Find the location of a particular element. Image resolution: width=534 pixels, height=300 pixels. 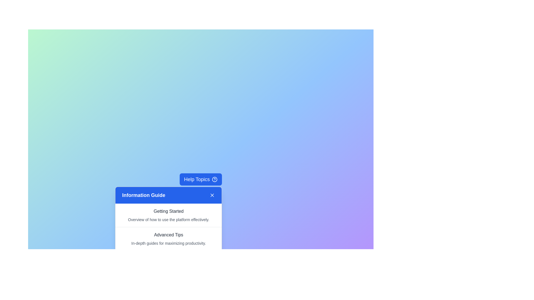

the 'Advanced Tips' informational block is located at coordinates (168, 239).